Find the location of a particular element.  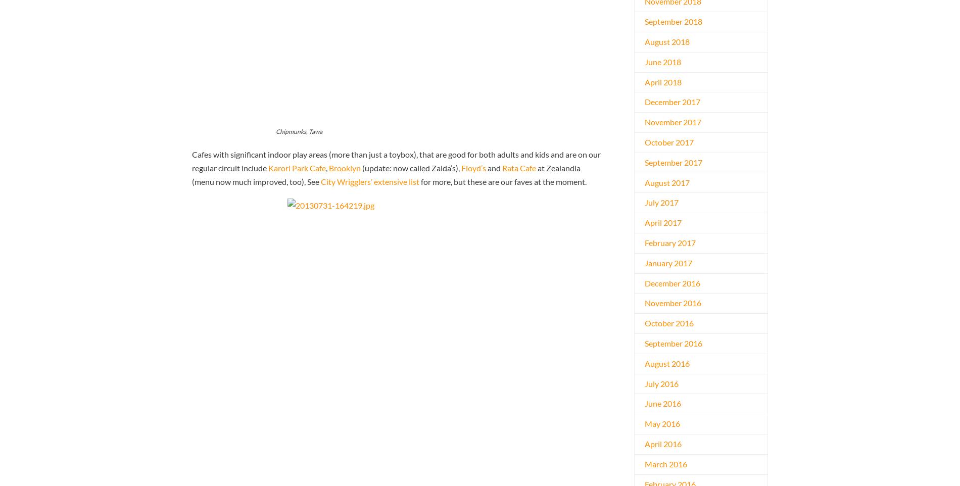

',' is located at coordinates (327, 167).